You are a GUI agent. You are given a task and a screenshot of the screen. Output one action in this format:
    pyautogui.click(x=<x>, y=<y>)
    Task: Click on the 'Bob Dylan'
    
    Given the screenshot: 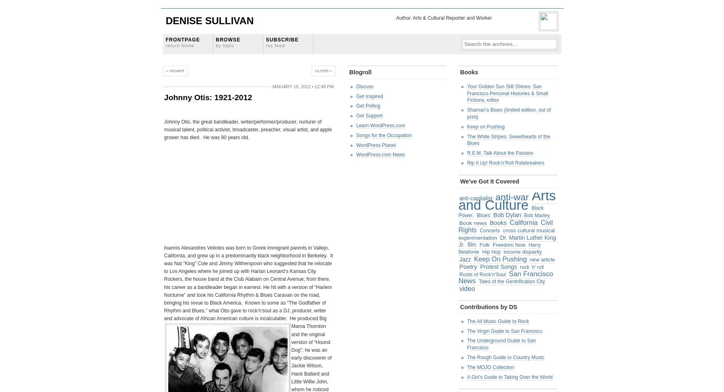 What is the action you would take?
    pyautogui.click(x=506, y=215)
    